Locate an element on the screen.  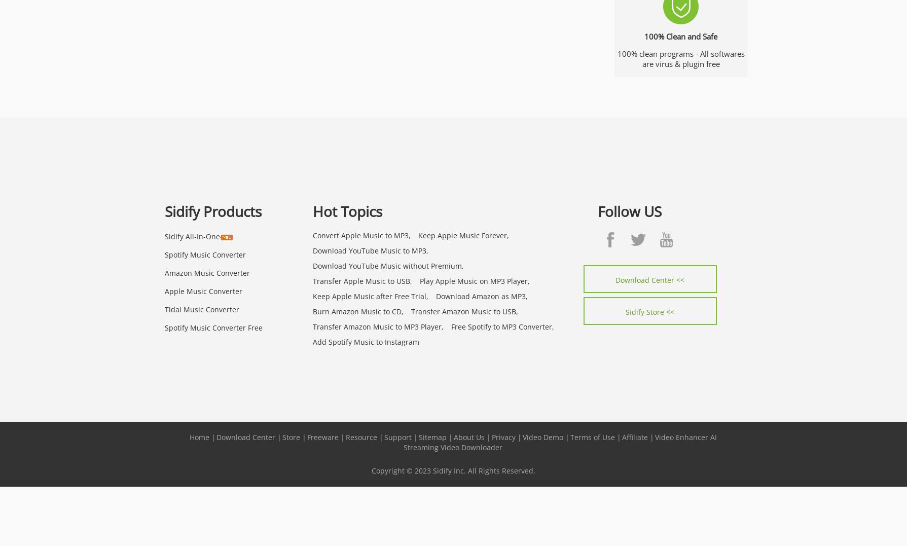
'100% Clean and Safe' is located at coordinates (644, 37).